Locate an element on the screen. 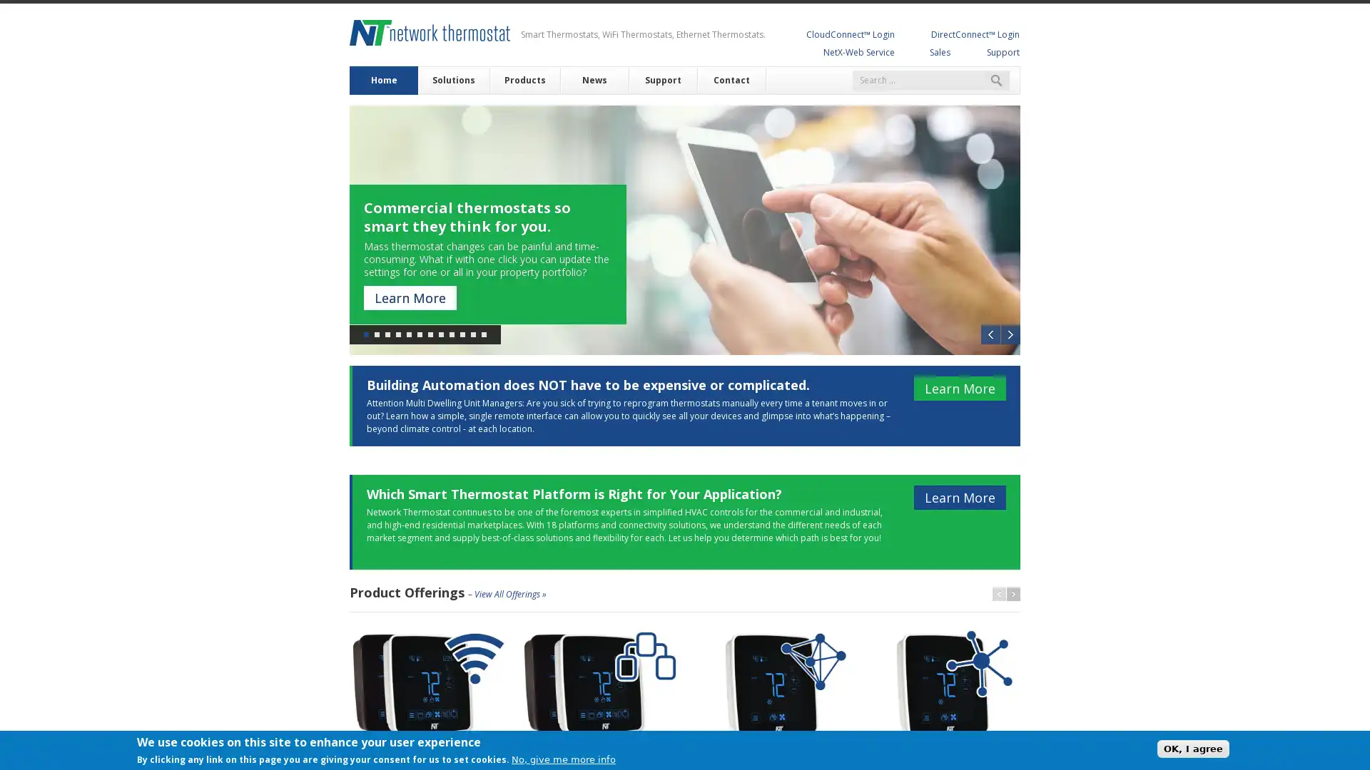 This screenshot has width=1370, height=770. OK, I agree is located at coordinates (1193, 747).